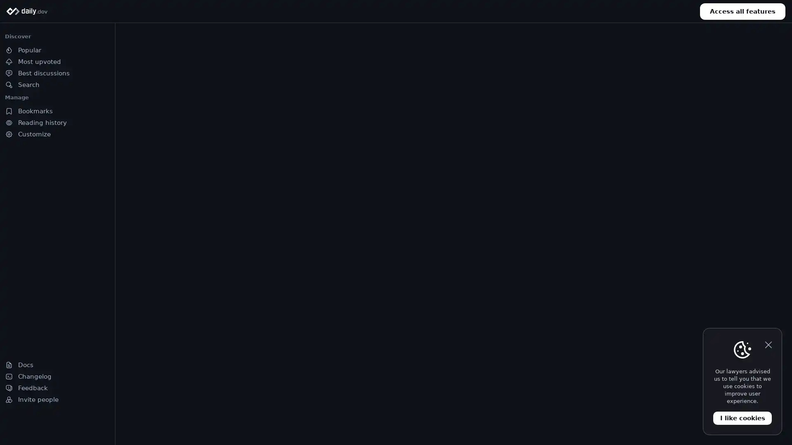 The image size is (792, 445). Describe the element at coordinates (287, 267) in the screenshot. I see `Options` at that location.